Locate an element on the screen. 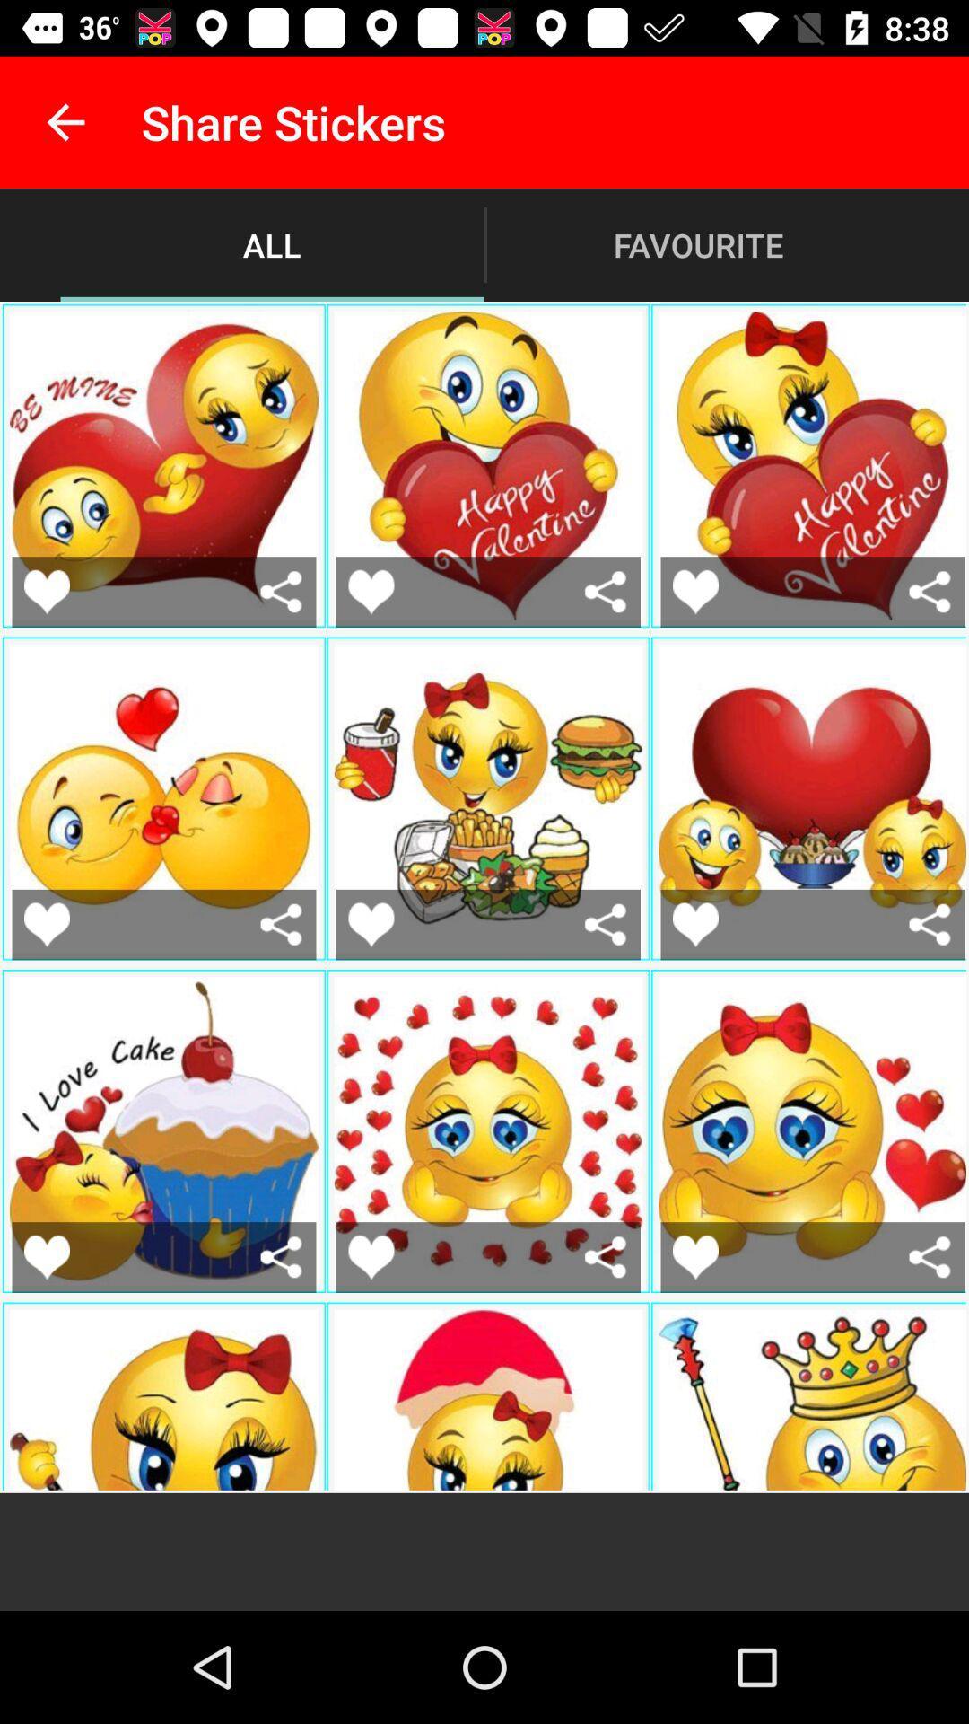  share option is located at coordinates (606, 924).